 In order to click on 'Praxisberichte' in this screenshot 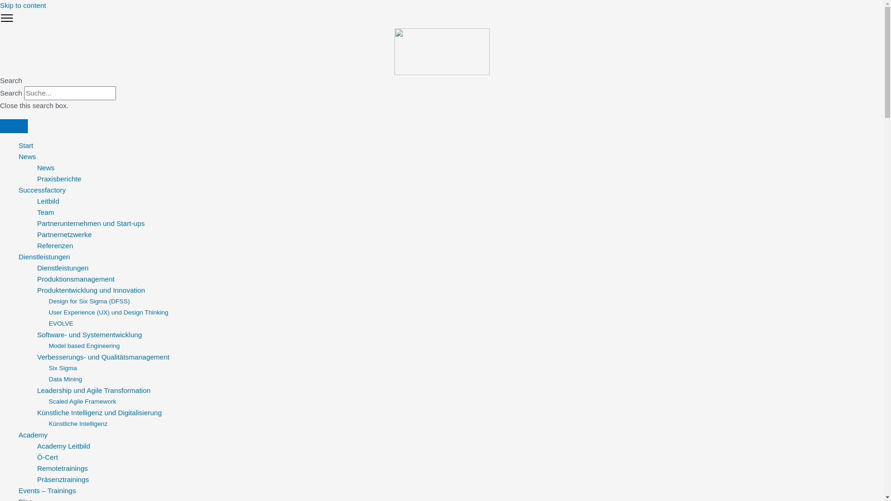, I will do `click(58, 179)`.